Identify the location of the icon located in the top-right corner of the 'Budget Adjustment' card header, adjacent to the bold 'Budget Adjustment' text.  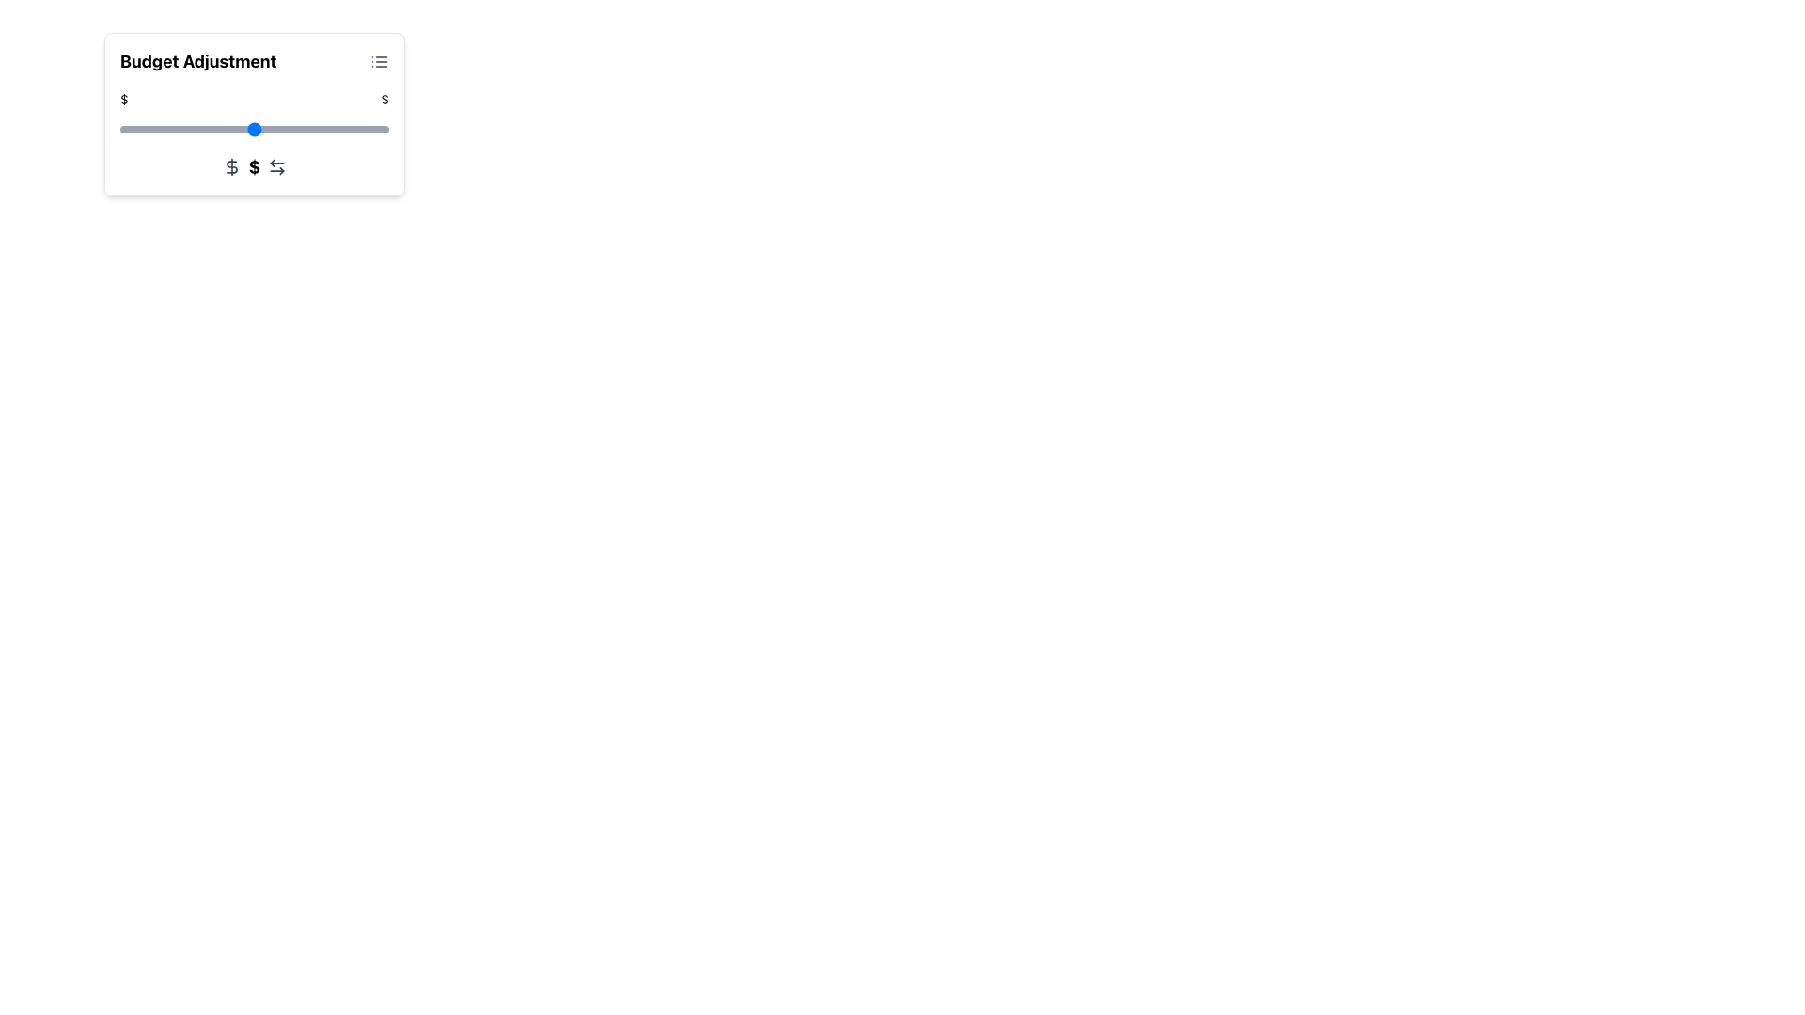
(378, 60).